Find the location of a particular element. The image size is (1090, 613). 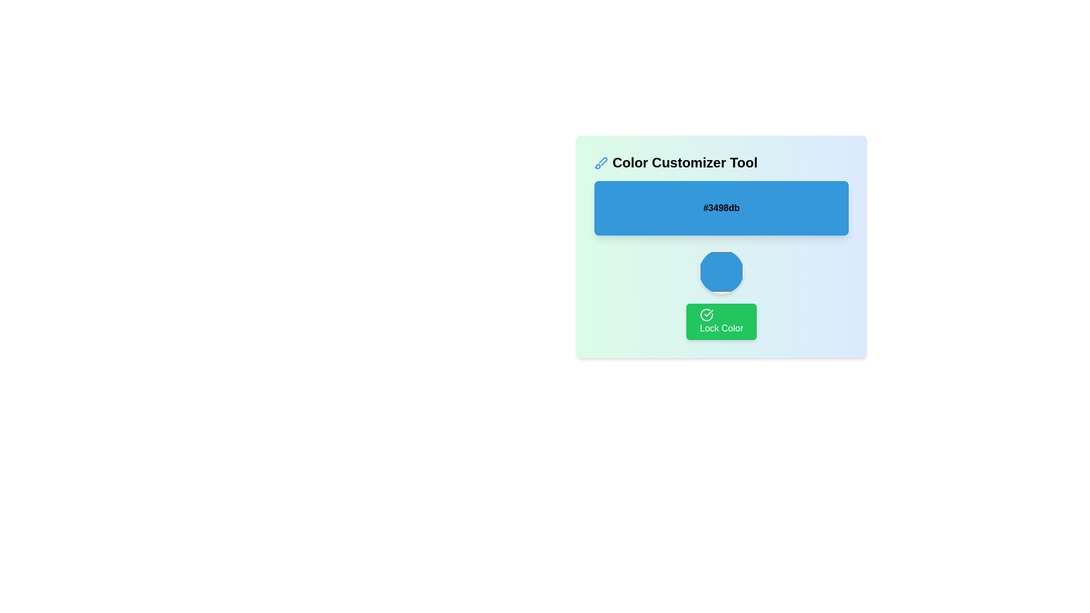

the color selection button located centrally below the blue rectangle with color code '#3498db' and above the 'Lock Color' button is located at coordinates (721, 271).